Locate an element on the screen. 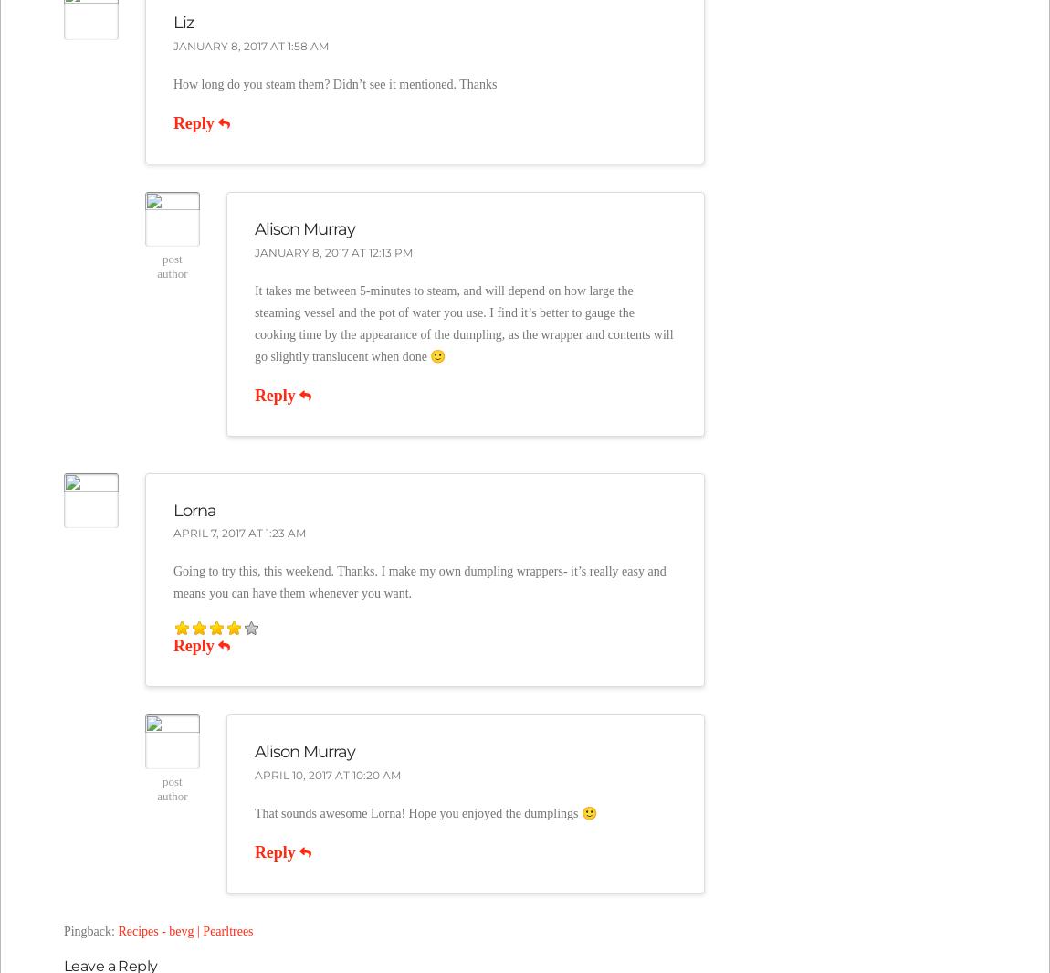 This screenshot has width=1050, height=973. 'April 10, 2017 at 10:20 am' is located at coordinates (252, 775).